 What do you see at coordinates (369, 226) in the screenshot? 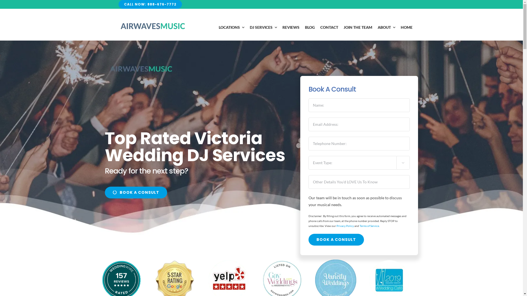
I see `'Terms of Service'` at bounding box center [369, 226].